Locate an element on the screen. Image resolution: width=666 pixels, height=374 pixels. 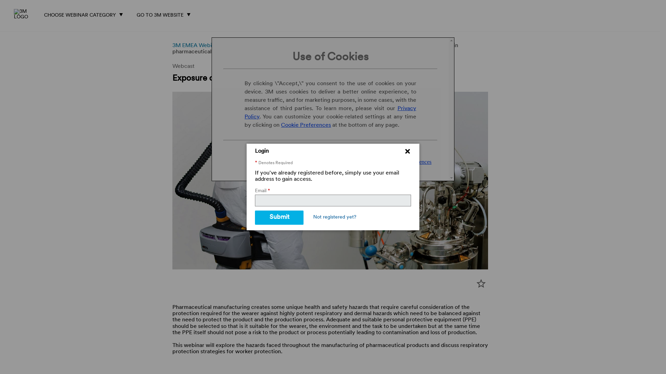
'3M United Kingdom' is located at coordinates (25, 15).